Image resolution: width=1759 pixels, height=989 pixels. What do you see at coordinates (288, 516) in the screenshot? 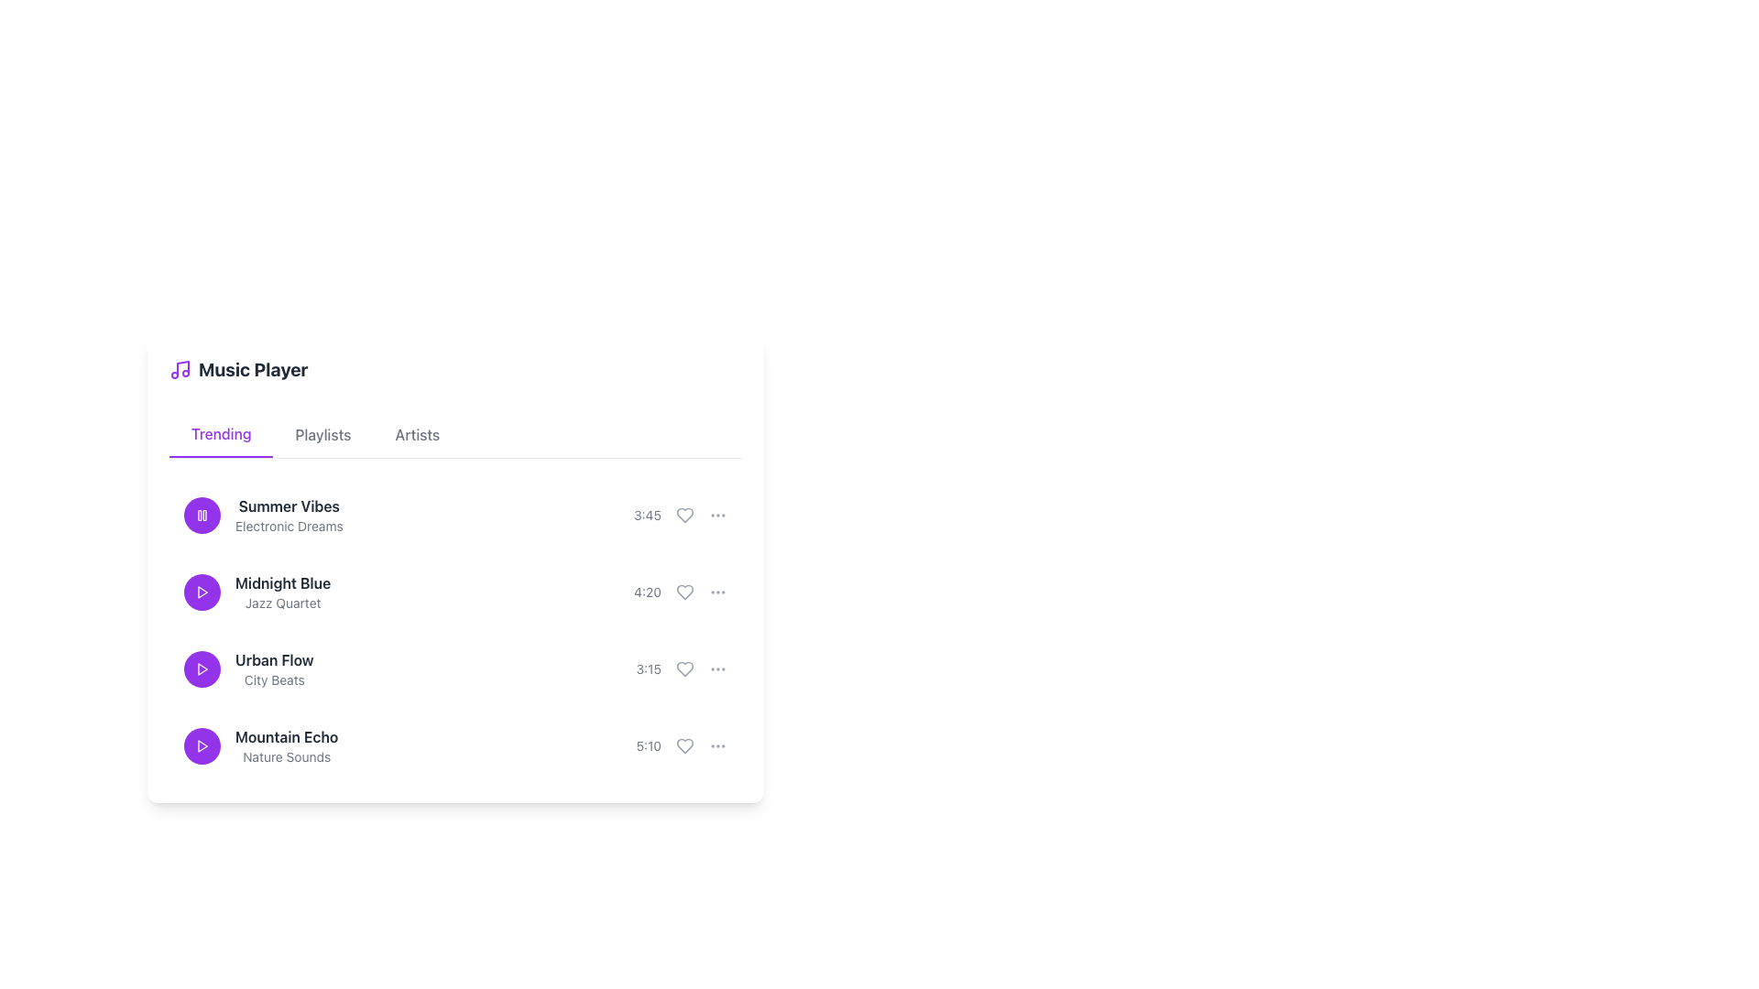
I see `the Text display containing 'Summer Vibes' and 'Electronic Dreams' in the first playlist entry of the 'Trending' playlist tab` at bounding box center [288, 516].